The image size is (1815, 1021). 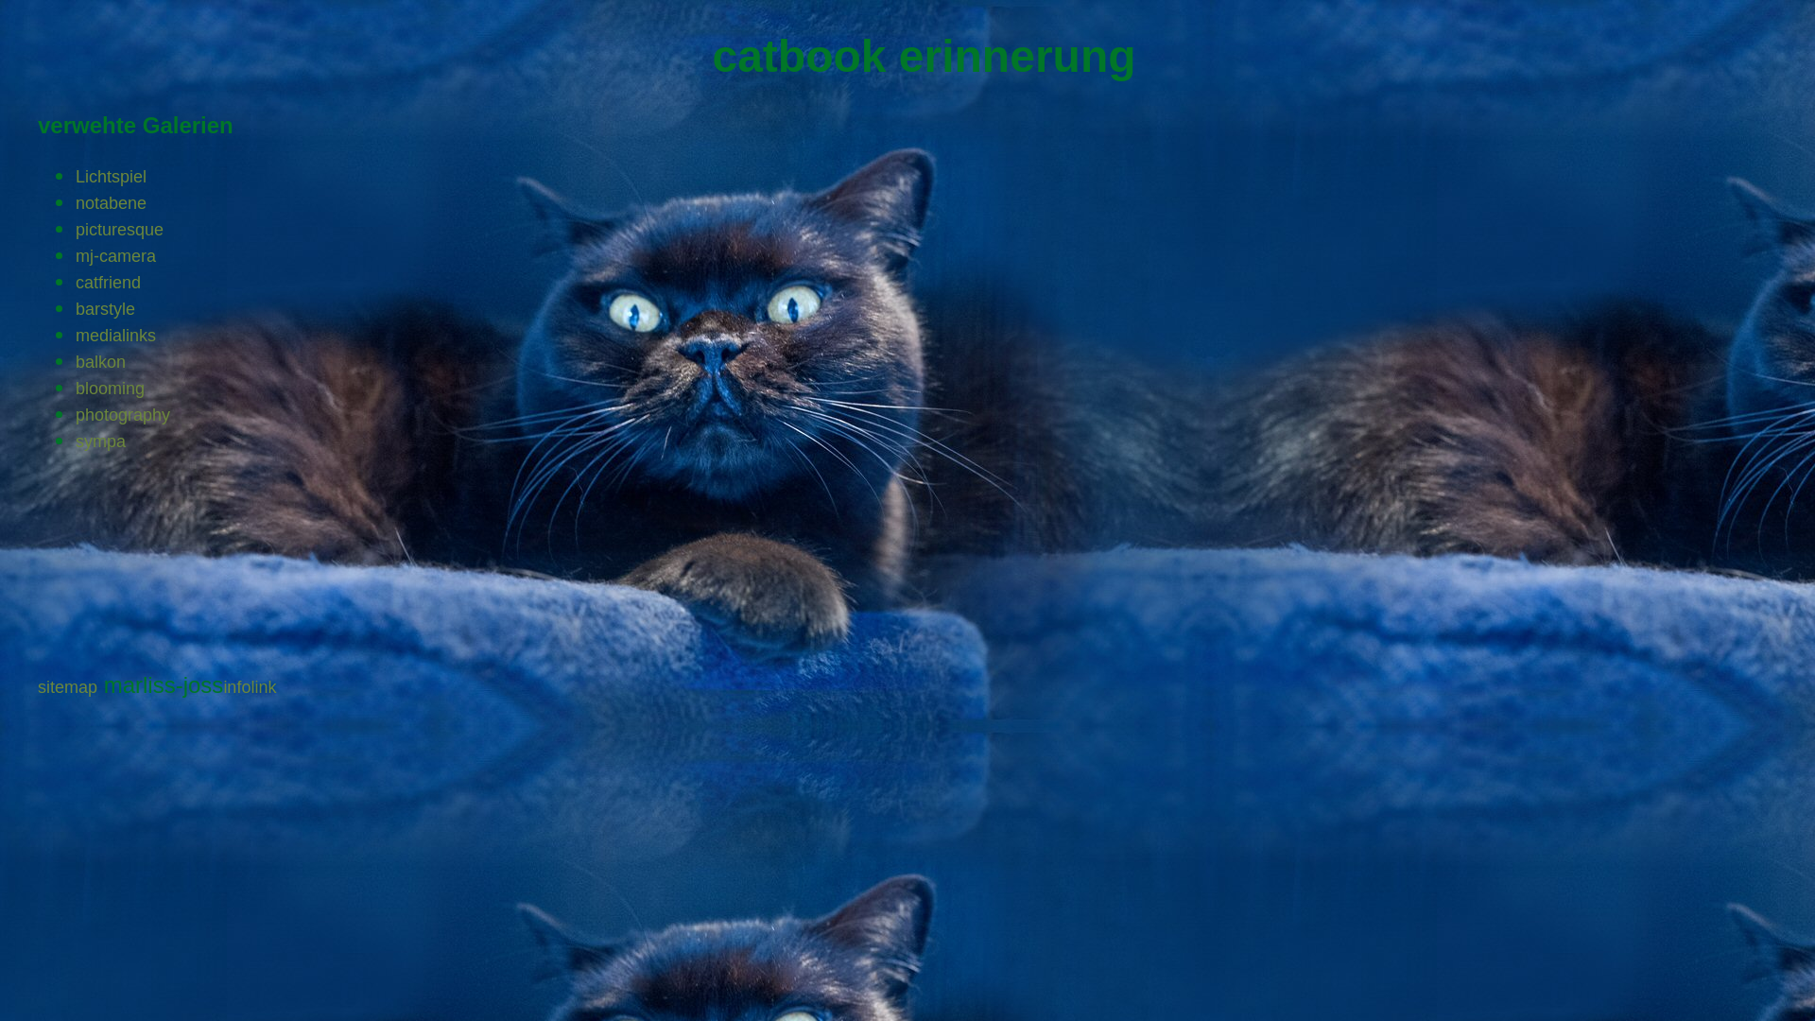 I want to click on 'picturesque', so click(x=118, y=229).